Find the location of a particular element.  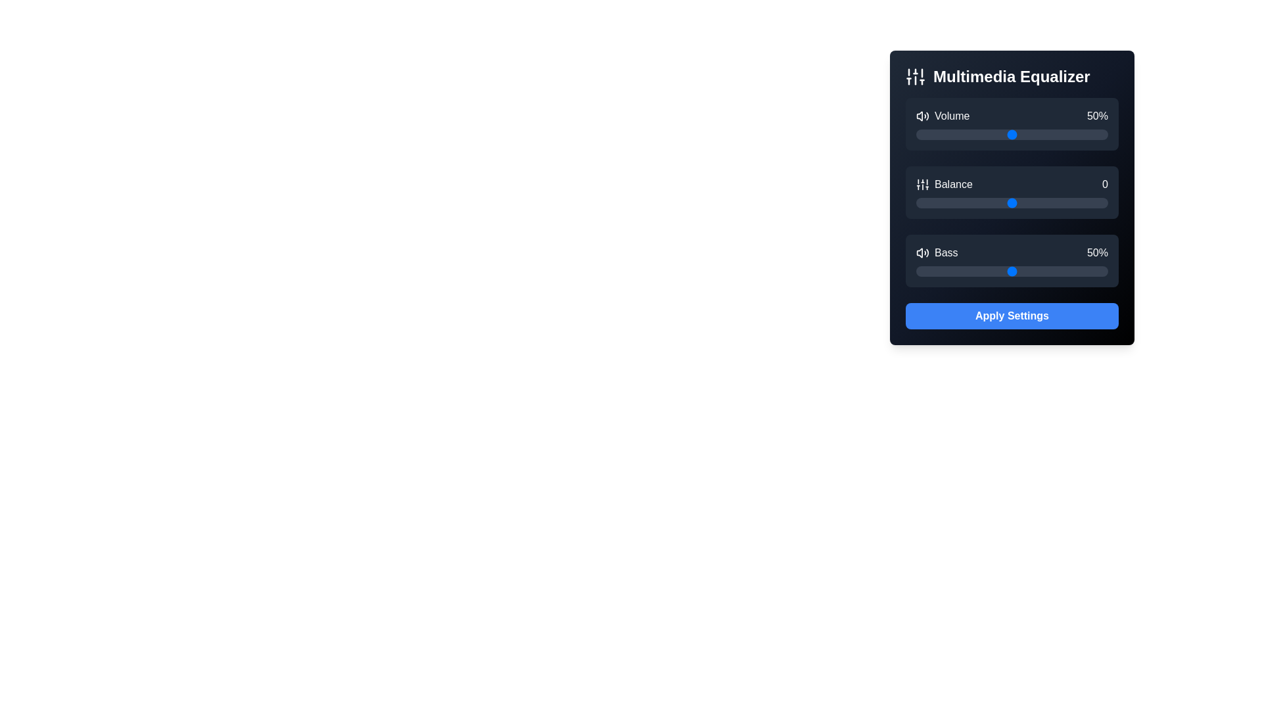

the bass level is located at coordinates (962, 270).